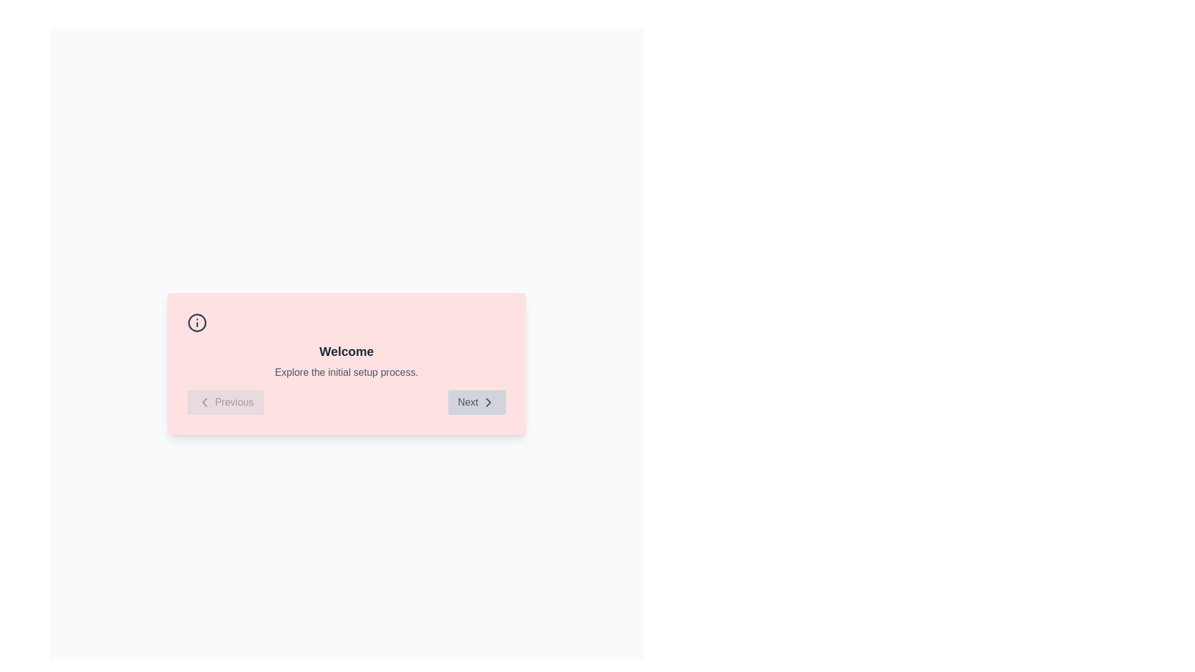 The height and width of the screenshot is (672, 1195). I want to click on the right-pointing arrow icon inside the 'Next' button located at the bottom-right area of the pink dialog box, so click(488, 403).